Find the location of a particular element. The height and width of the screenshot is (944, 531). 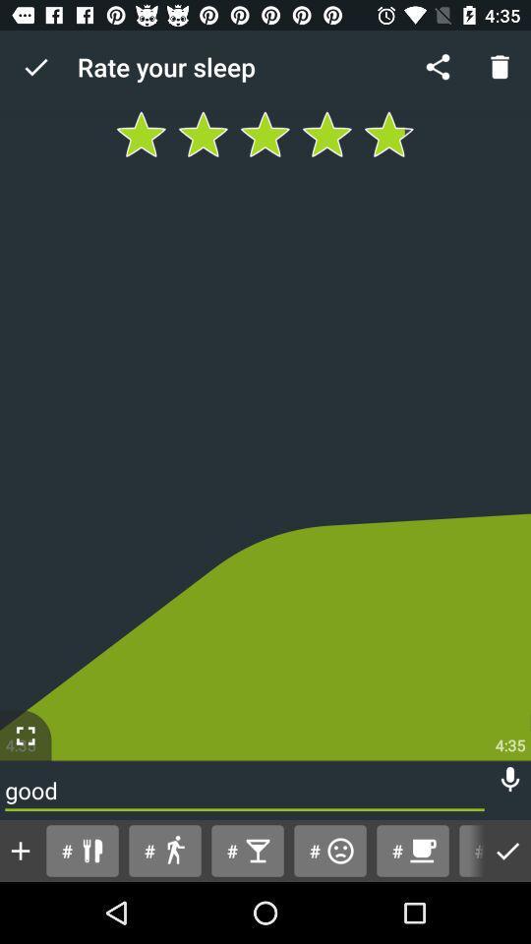

more items is located at coordinates (20, 850).